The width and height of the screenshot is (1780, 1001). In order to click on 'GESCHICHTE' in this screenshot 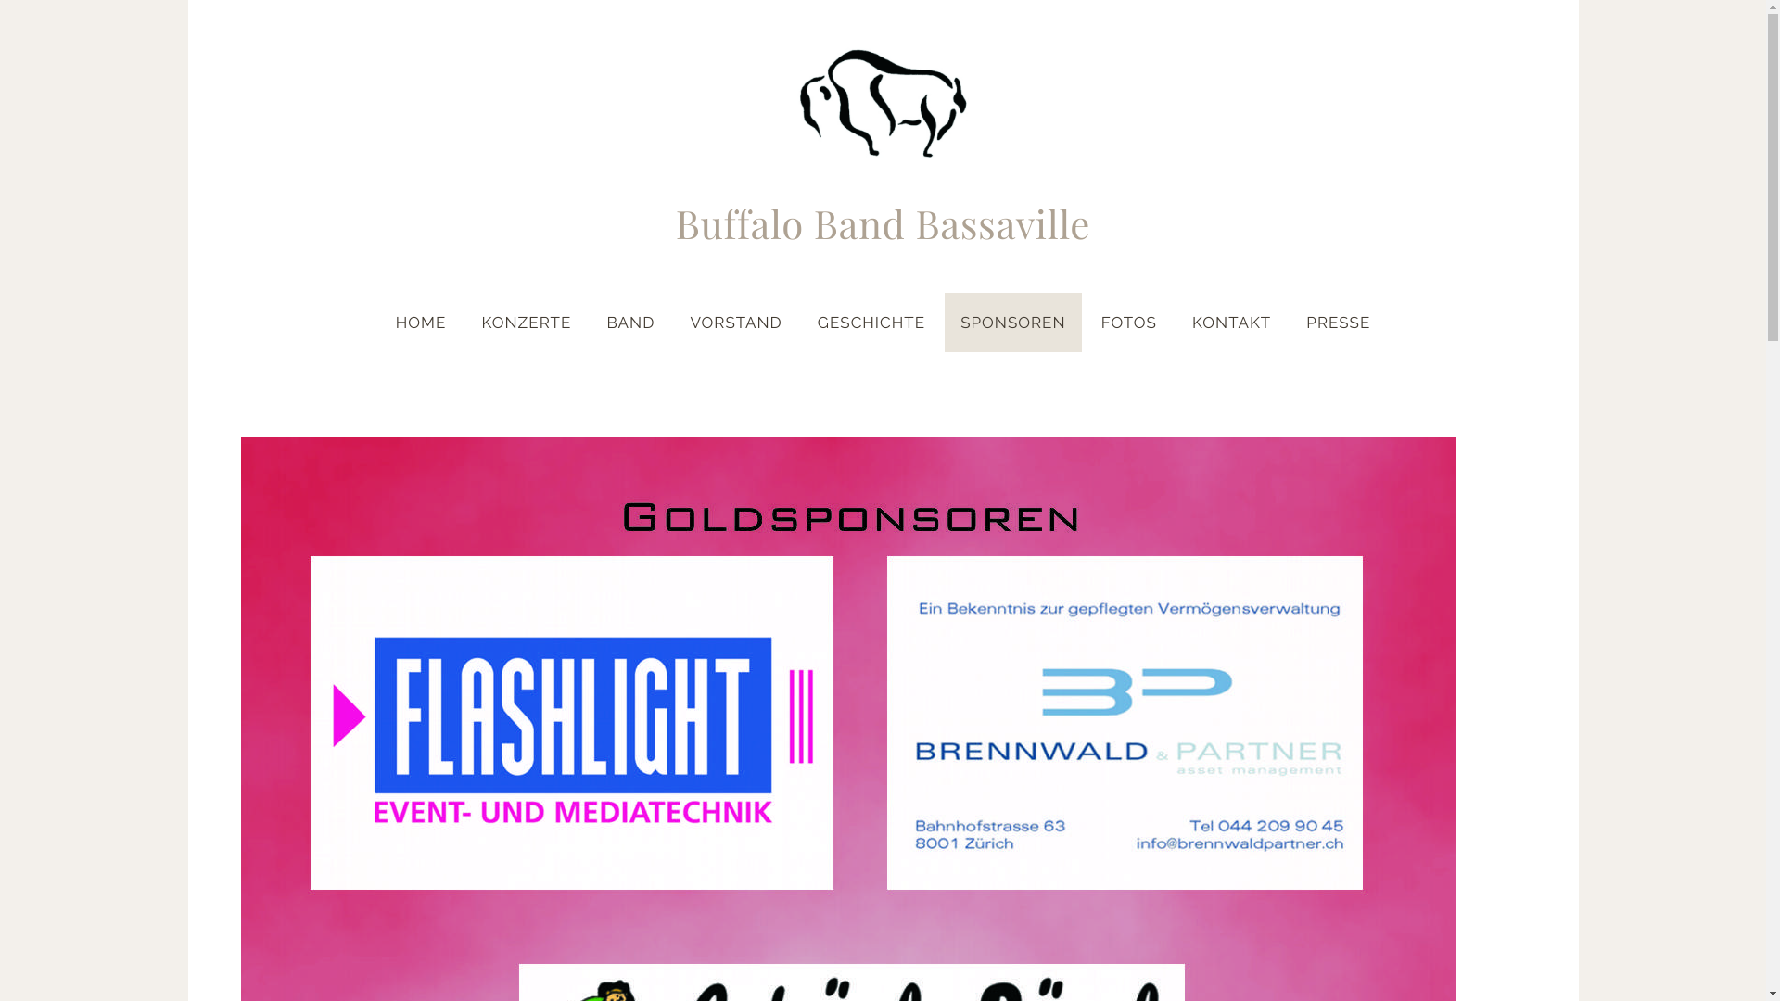, I will do `click(871, 321)`.